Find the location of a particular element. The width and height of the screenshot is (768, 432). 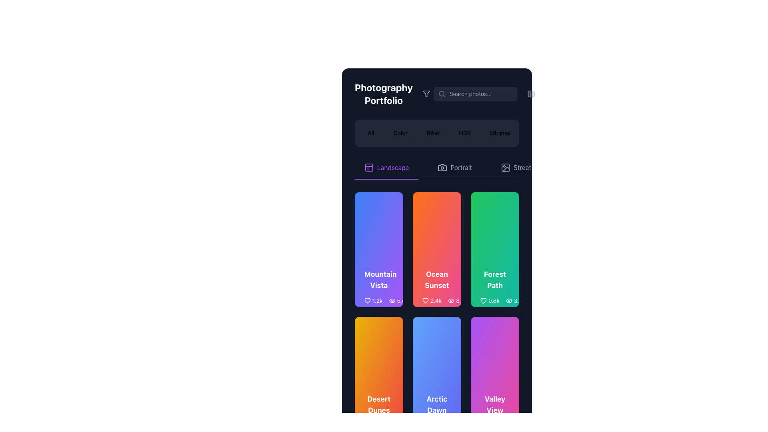

the text label reading 'Arctic Dawn', which is displayed in bold white font against a blue gradient background, located at the bottom of a card in the second row and second column of a grid layout is located at coordinates (436, 404).